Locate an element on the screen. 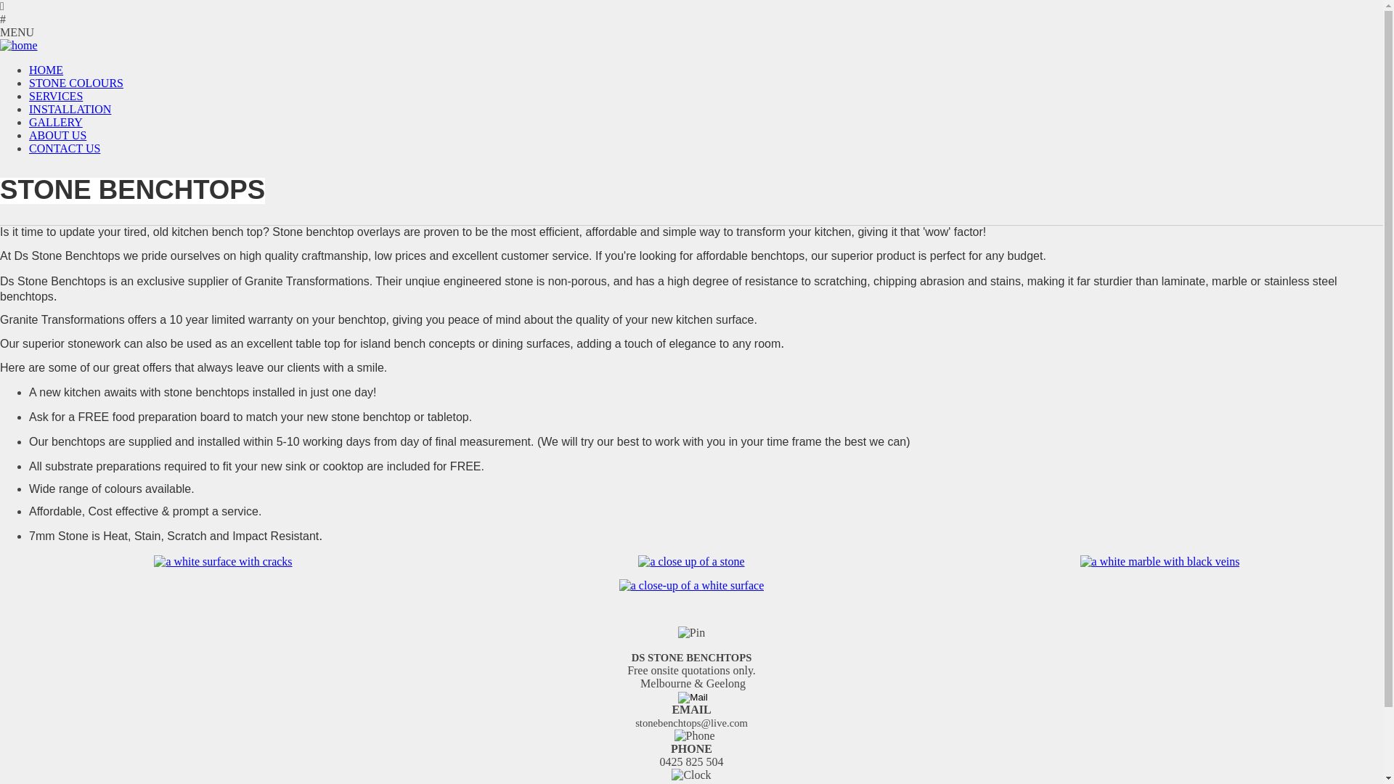 This screenshot has width=1394, height=784. 'ABOUT US' is located at coordinates (57, 135).